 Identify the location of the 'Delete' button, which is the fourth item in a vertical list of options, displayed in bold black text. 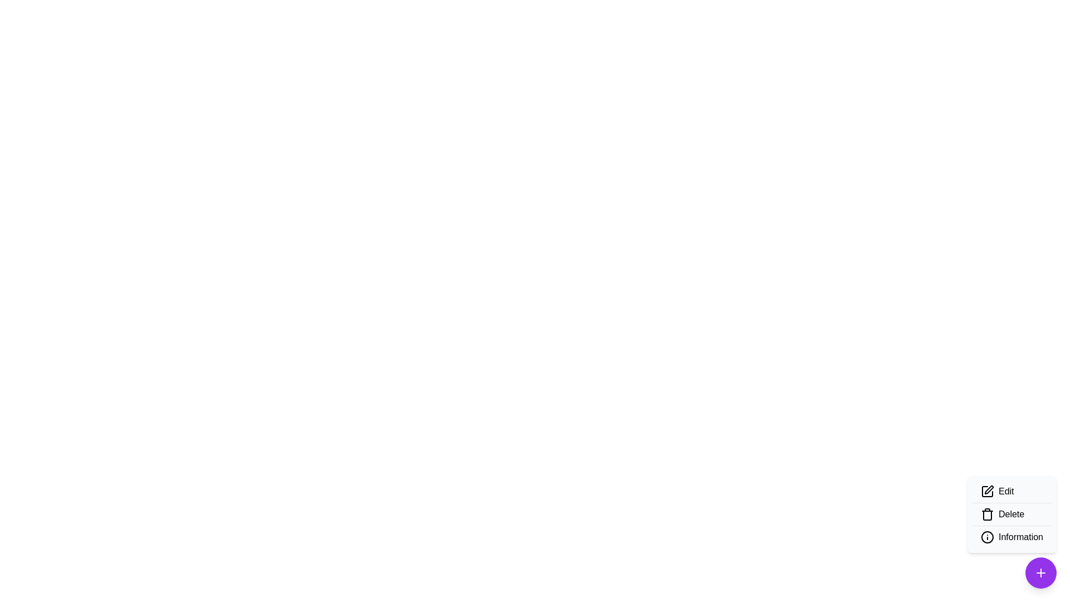
(1011, 514).